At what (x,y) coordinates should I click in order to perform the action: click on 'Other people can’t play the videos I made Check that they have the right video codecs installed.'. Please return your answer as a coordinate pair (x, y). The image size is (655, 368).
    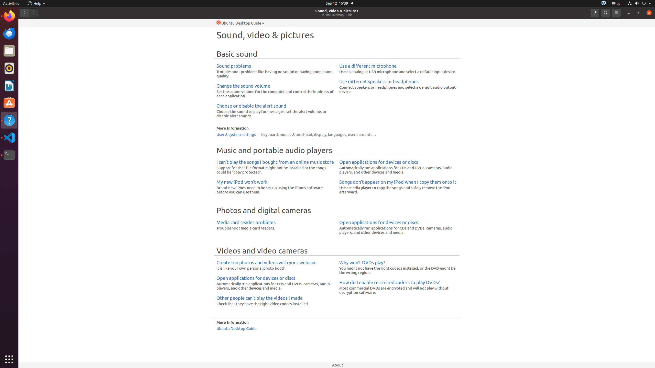
    Looking at the image, I should click on (275, 301).